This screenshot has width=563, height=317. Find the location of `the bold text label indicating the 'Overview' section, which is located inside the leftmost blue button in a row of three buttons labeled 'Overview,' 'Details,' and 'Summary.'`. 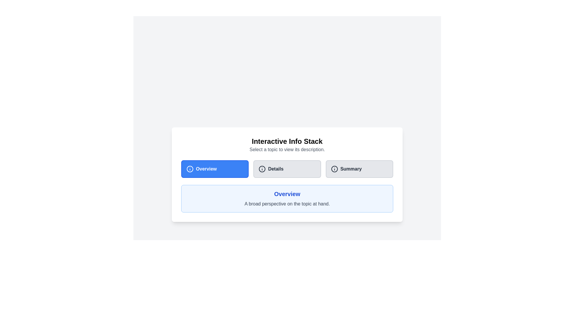

the bold text label indicating the 'Overview' section, which is located inside the leftmost blue button in a row of three buttons labeled 'Overview,' 'Details,' and 'Summary.' is located at coordinates (206, 169).